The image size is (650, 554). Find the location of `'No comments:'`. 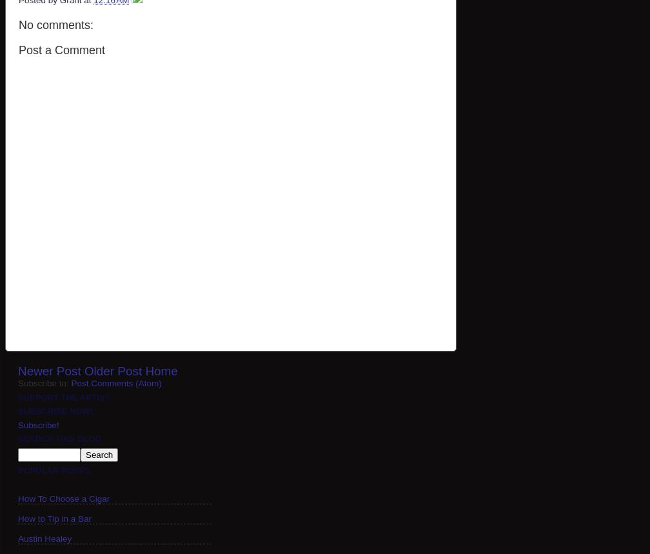

'No comments:' is located at coordinates (55, 25).